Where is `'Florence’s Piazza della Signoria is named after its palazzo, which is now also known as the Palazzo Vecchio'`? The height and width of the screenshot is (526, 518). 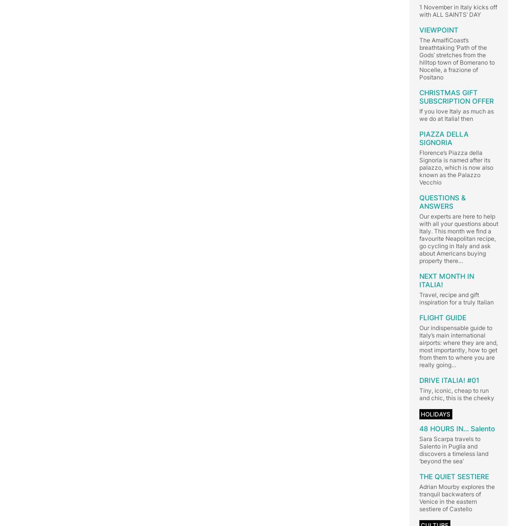 'Florence’s Piazza della Signoria is named after its palazzo, which is now also known as the Palazzo Vecchio' is located at coordinates (419, 167).